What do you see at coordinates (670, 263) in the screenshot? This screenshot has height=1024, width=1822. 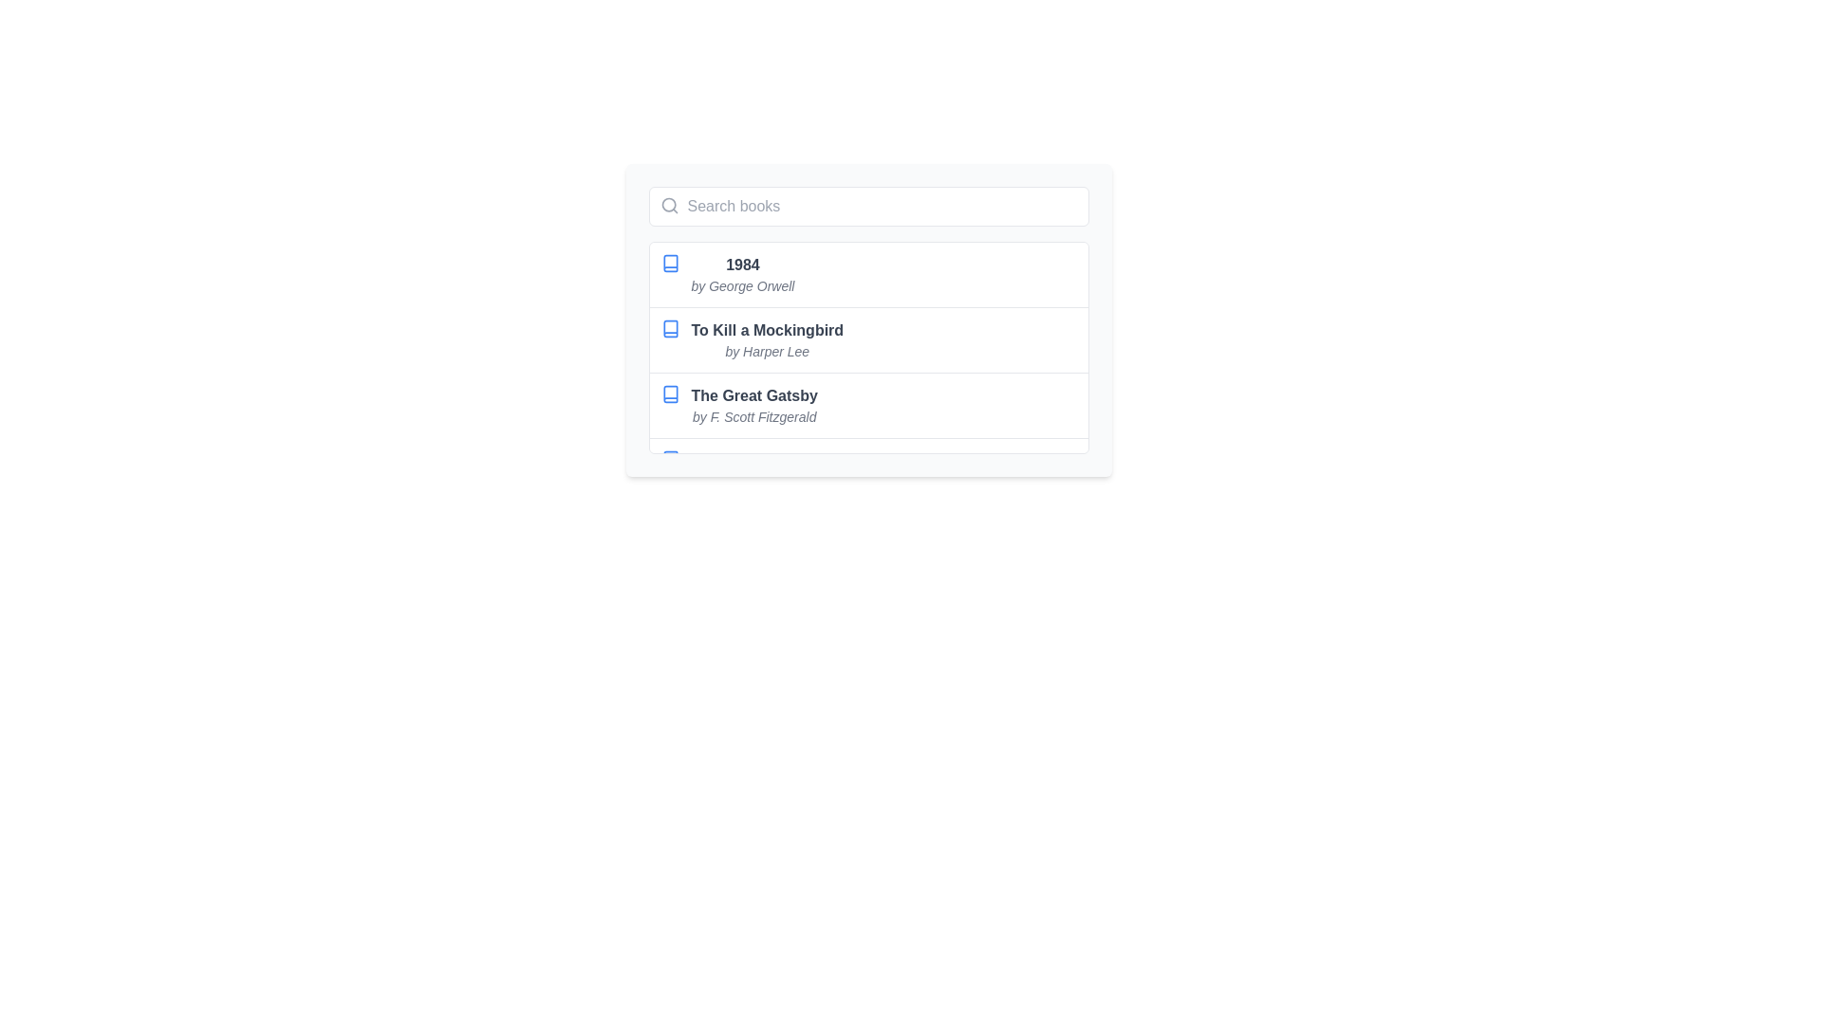 I see `the blue book icon, which is the first item in a vertical list adjacent to the text '1984 by George Orwell'` at bounding box center [670, 263].